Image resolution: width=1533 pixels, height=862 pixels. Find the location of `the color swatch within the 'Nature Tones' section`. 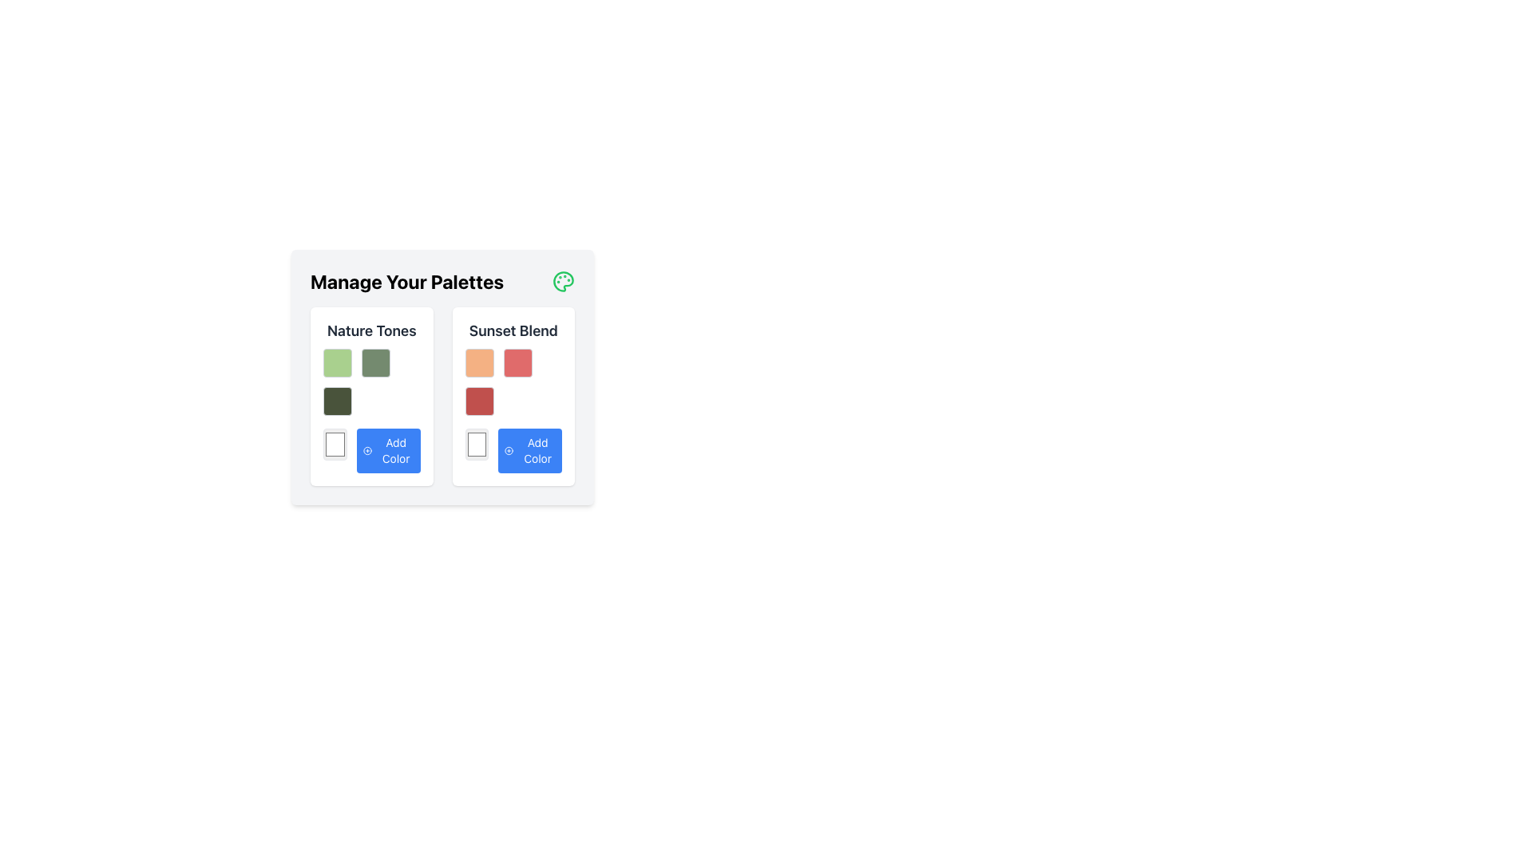

the color swatch within the 'Nature Tones' section is located at coordinates (370, 382).